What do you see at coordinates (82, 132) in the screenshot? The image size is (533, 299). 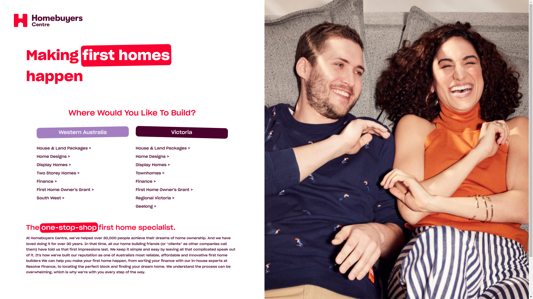 I see `'Western Australia'` at bounding box center [82, 132].